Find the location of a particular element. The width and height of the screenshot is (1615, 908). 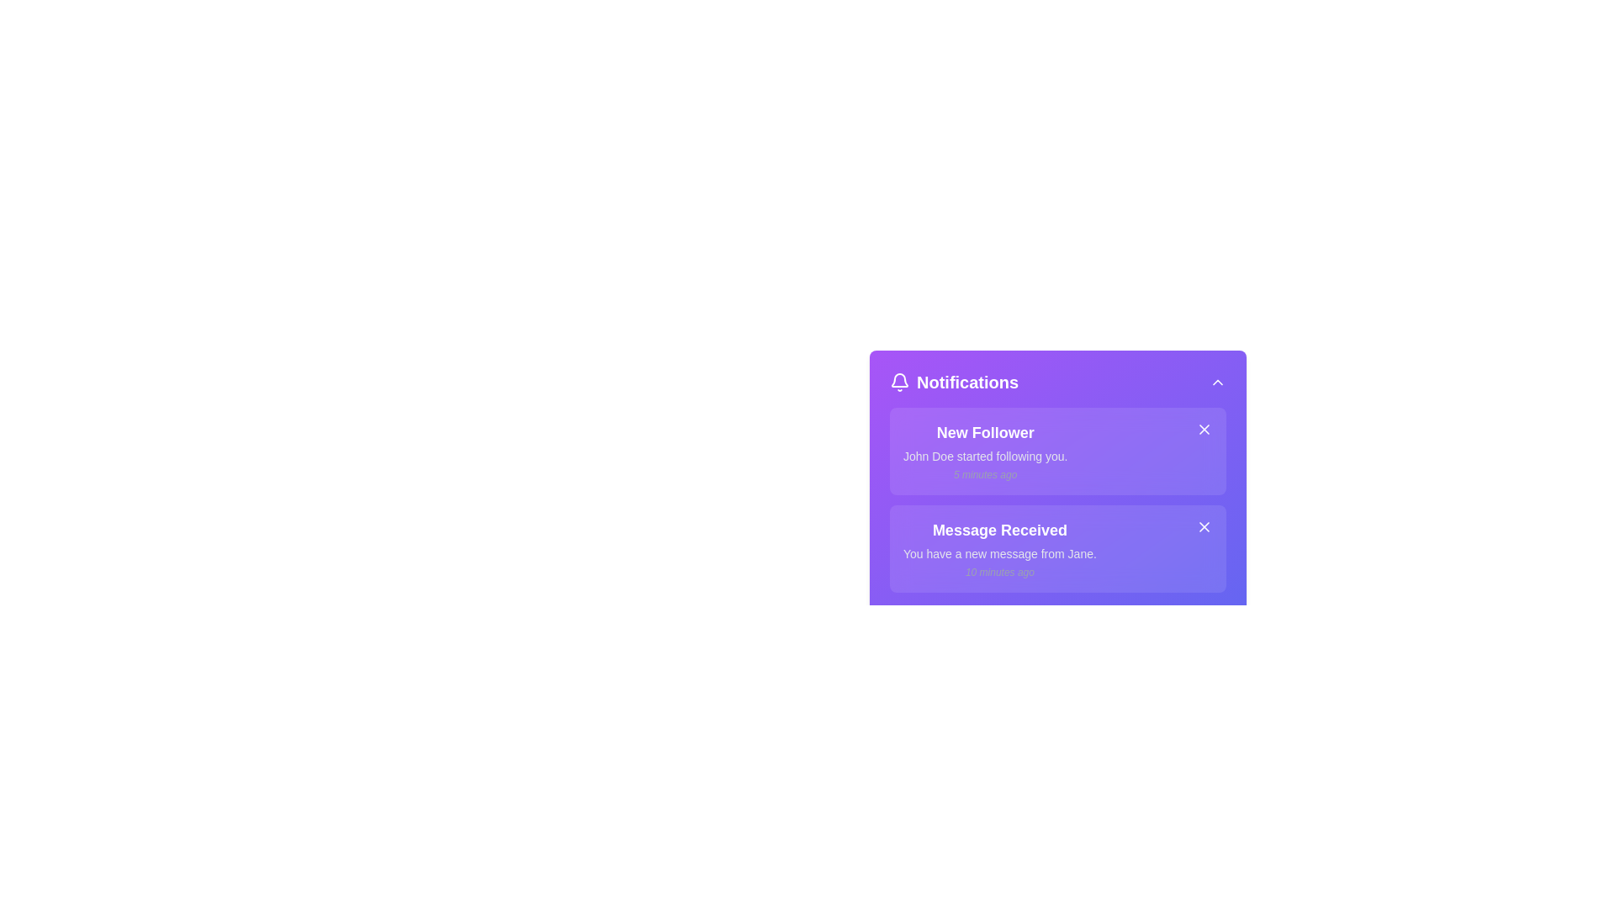

the 'Message Received' text label, which is prominently displayed in bold white font against a purple background is located at coordinates (999, 531).